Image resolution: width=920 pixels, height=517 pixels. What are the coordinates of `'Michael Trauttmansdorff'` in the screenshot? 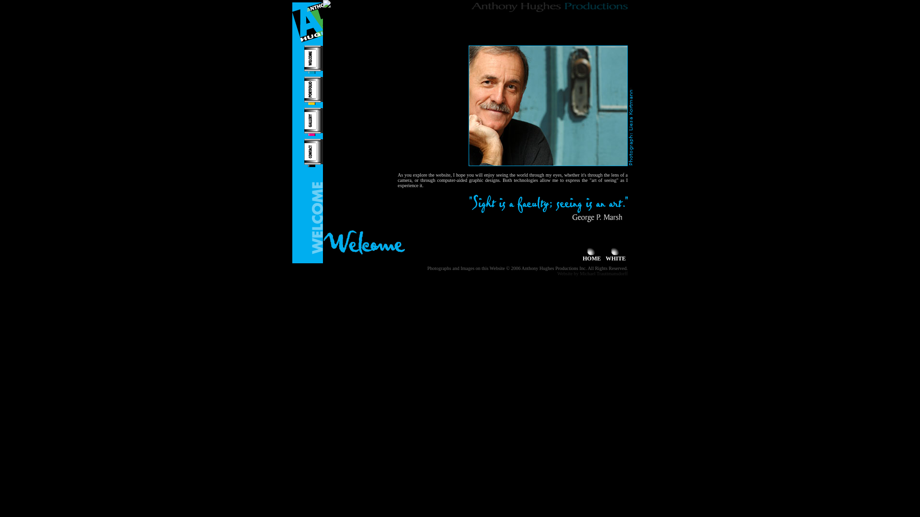 It's located at (603, 273).